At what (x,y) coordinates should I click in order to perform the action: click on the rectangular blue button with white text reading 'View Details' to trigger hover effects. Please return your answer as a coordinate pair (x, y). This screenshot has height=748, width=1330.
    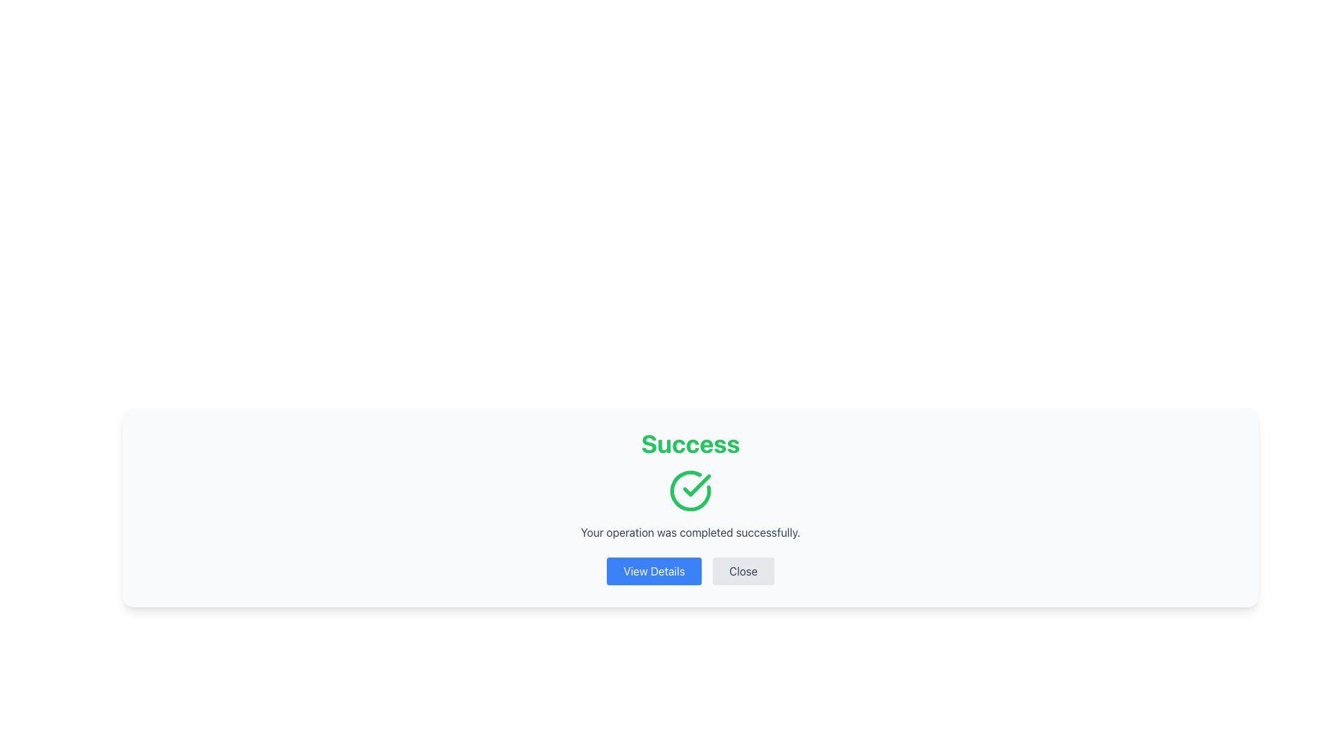
    Looking at the image, I should click on (653, 571).